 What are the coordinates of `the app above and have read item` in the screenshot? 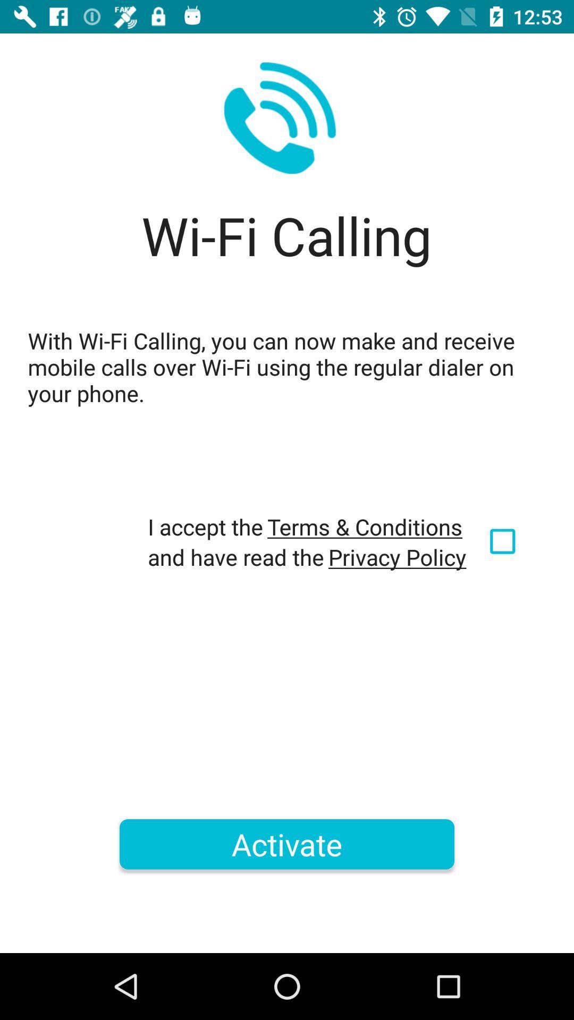 It's located at (364, 526).